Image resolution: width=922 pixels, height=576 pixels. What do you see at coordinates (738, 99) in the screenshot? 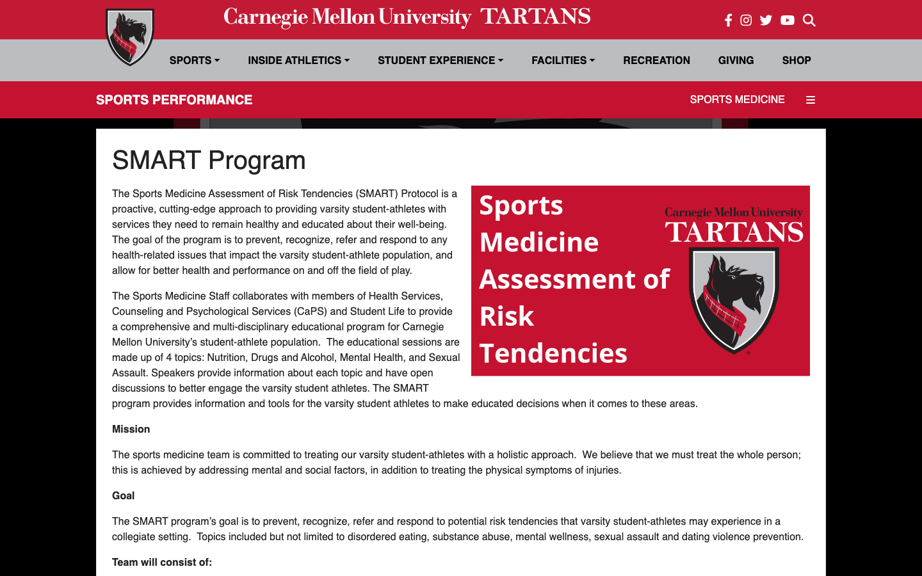
I see `"Sports Medicine" category` at bounding box center [738, 99].